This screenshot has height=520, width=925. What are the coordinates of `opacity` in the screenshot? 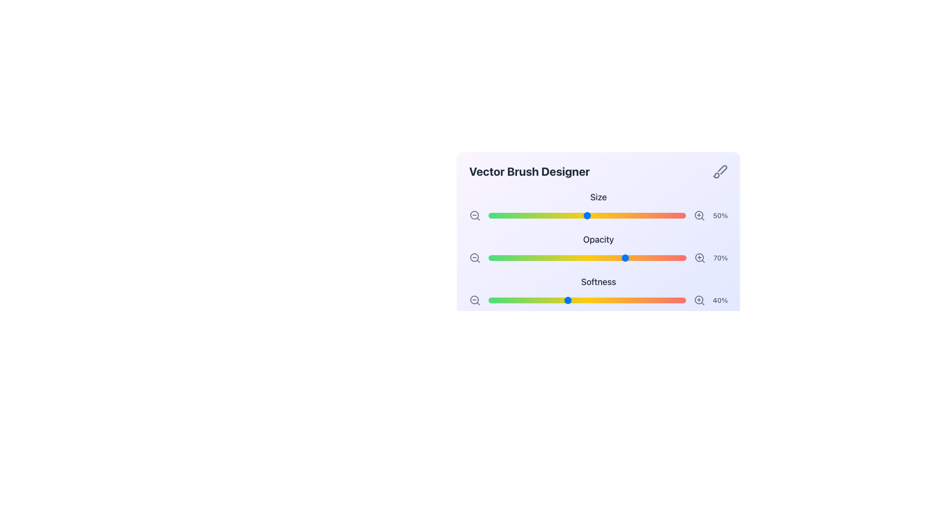 It's located at (496, 258).